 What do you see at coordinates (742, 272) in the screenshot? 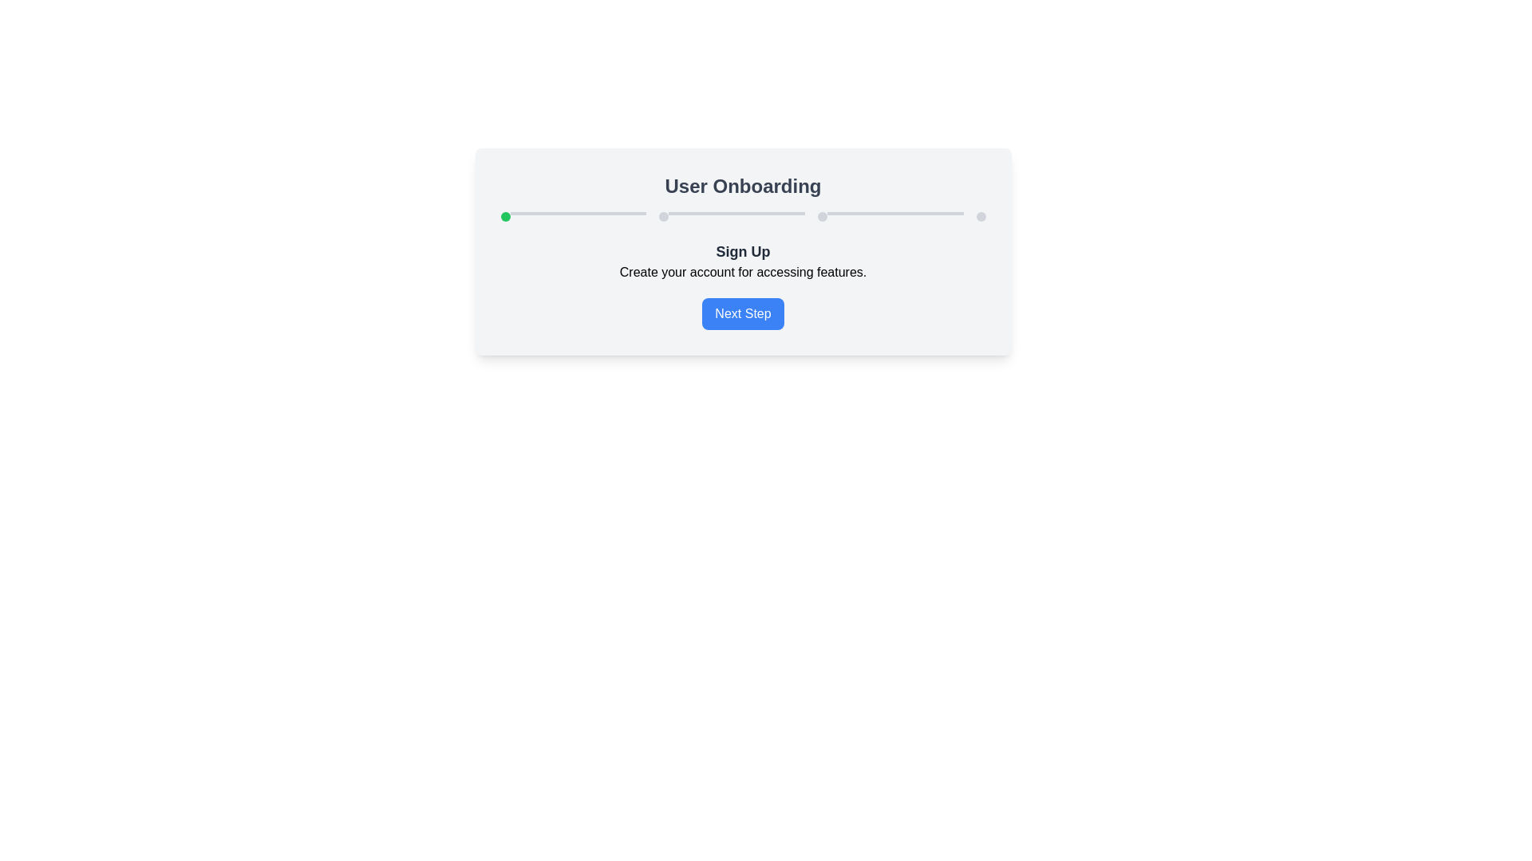
I see `static text that provides descriptive instructions for signing up, located below the 'Sign Up' heading` at bounding box center [742, 272].